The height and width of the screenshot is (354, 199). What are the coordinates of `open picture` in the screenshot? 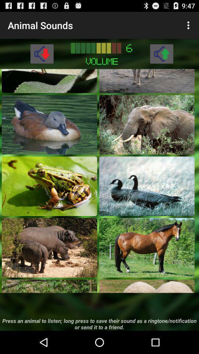 It's located at (49, 125).